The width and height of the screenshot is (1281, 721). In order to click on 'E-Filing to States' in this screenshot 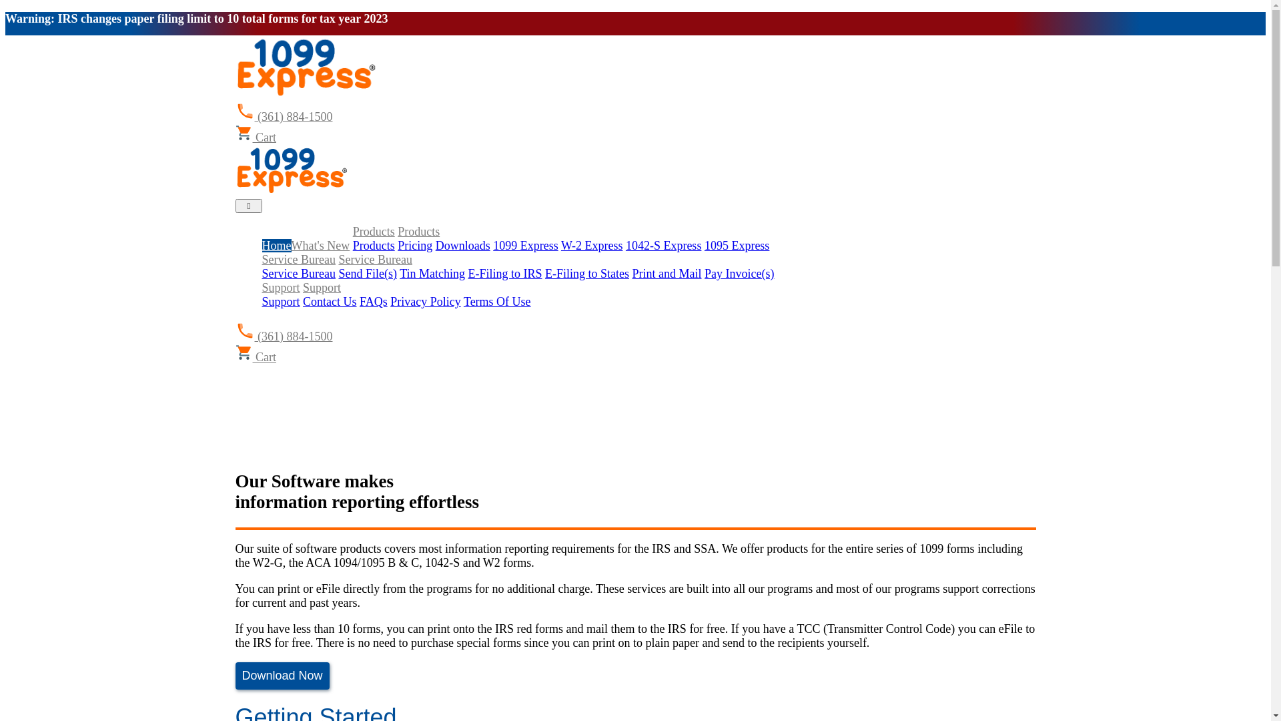, I will do `click(586, 272)`.